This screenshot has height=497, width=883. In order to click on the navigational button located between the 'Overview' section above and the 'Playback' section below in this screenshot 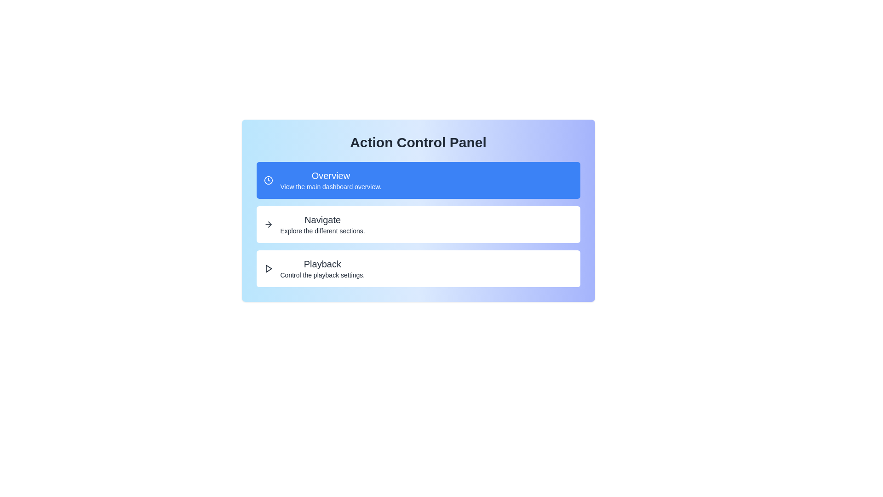, I will do `click(418, 225)`.